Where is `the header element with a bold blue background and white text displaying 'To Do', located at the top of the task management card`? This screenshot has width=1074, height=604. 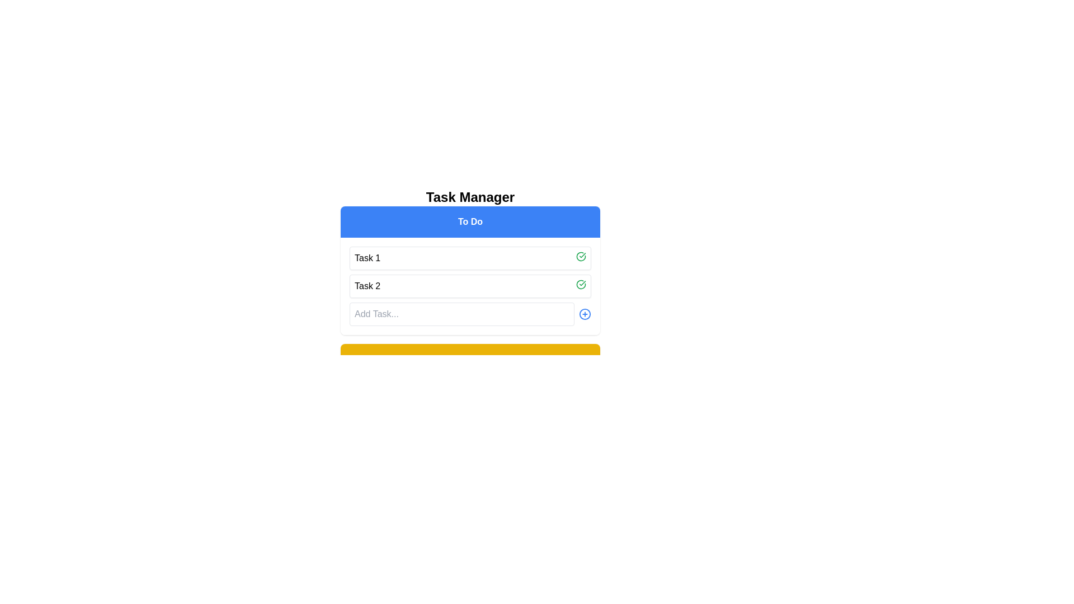 the header element with a bold blue background and white text displaying 'To Do', located at the top of the task management card is located at coordinates (470, 222).